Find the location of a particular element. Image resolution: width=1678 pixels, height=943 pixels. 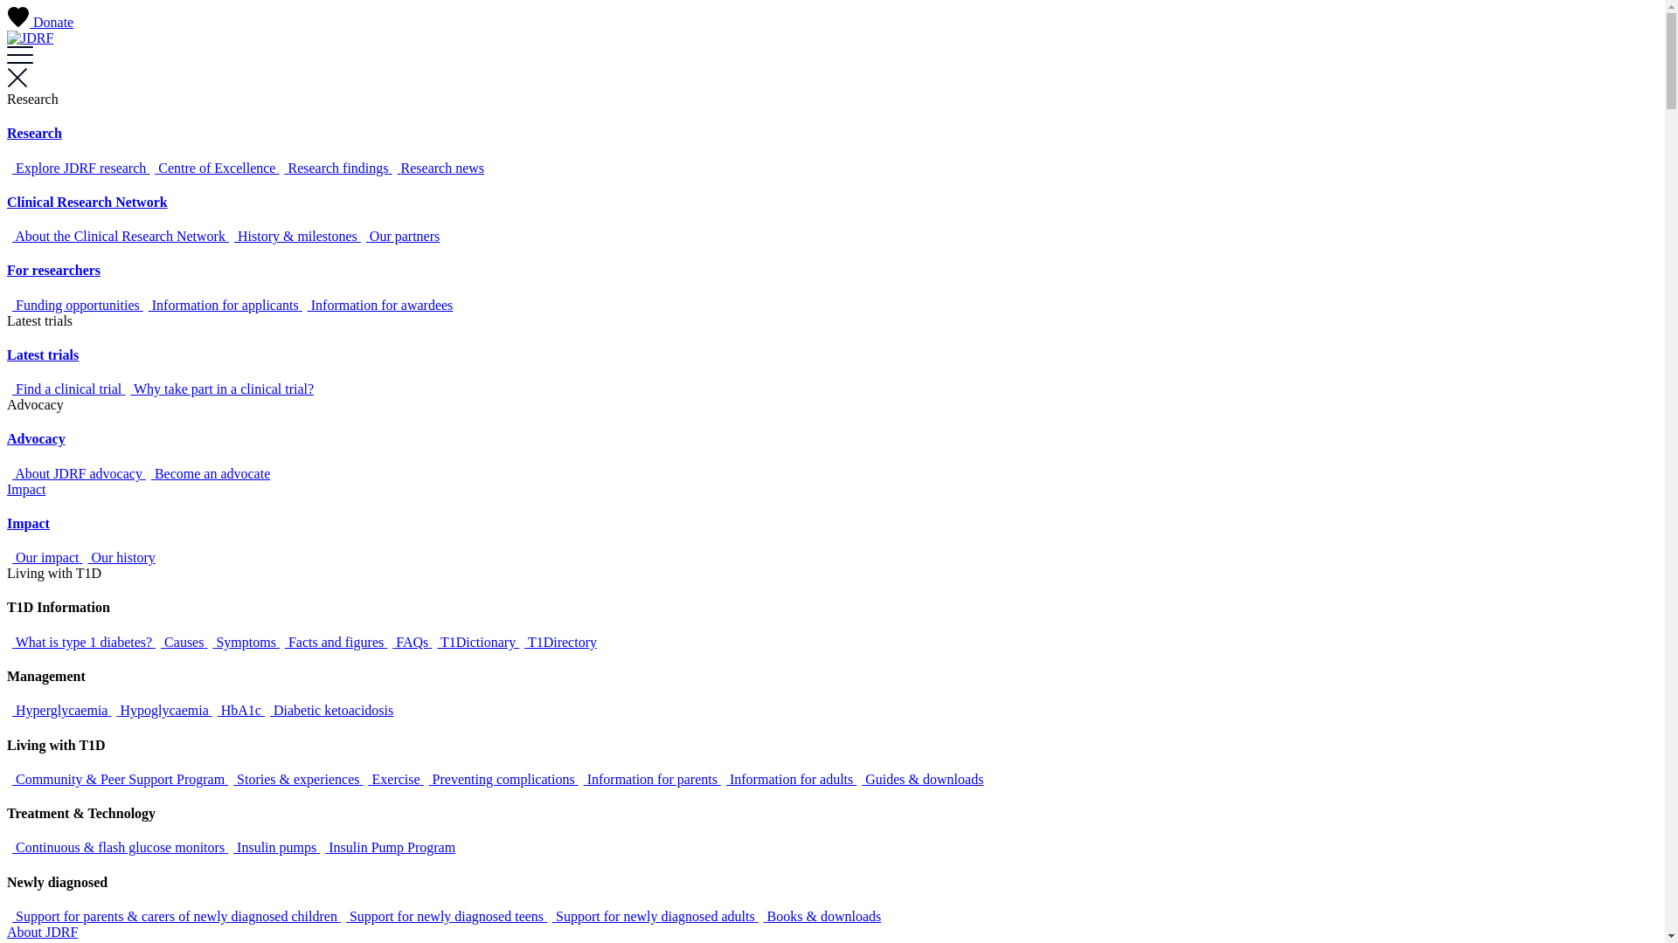

'Why take part in a clinical trial?' is located at coordinates (218, 388).